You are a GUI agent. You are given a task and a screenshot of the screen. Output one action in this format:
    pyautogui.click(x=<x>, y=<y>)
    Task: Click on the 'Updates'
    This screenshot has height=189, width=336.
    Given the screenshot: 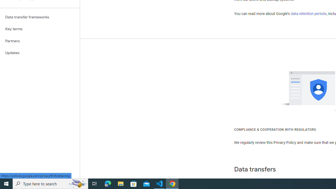 What is the action you would take?
    pyautogui.click(x=40, y=53)
    